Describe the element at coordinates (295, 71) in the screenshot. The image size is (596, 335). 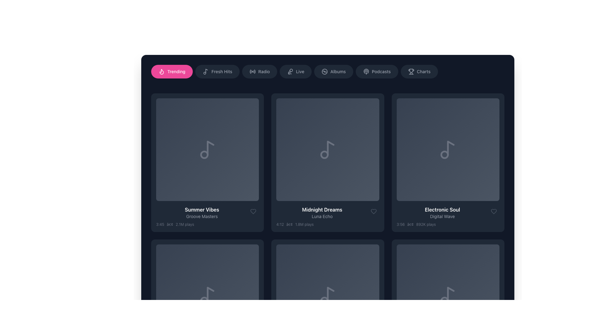
I see `the 'Live' button, which is the fourth button from the left in a horizontal row, located between the 'Radio' and 'Albums' buttons` at that location.